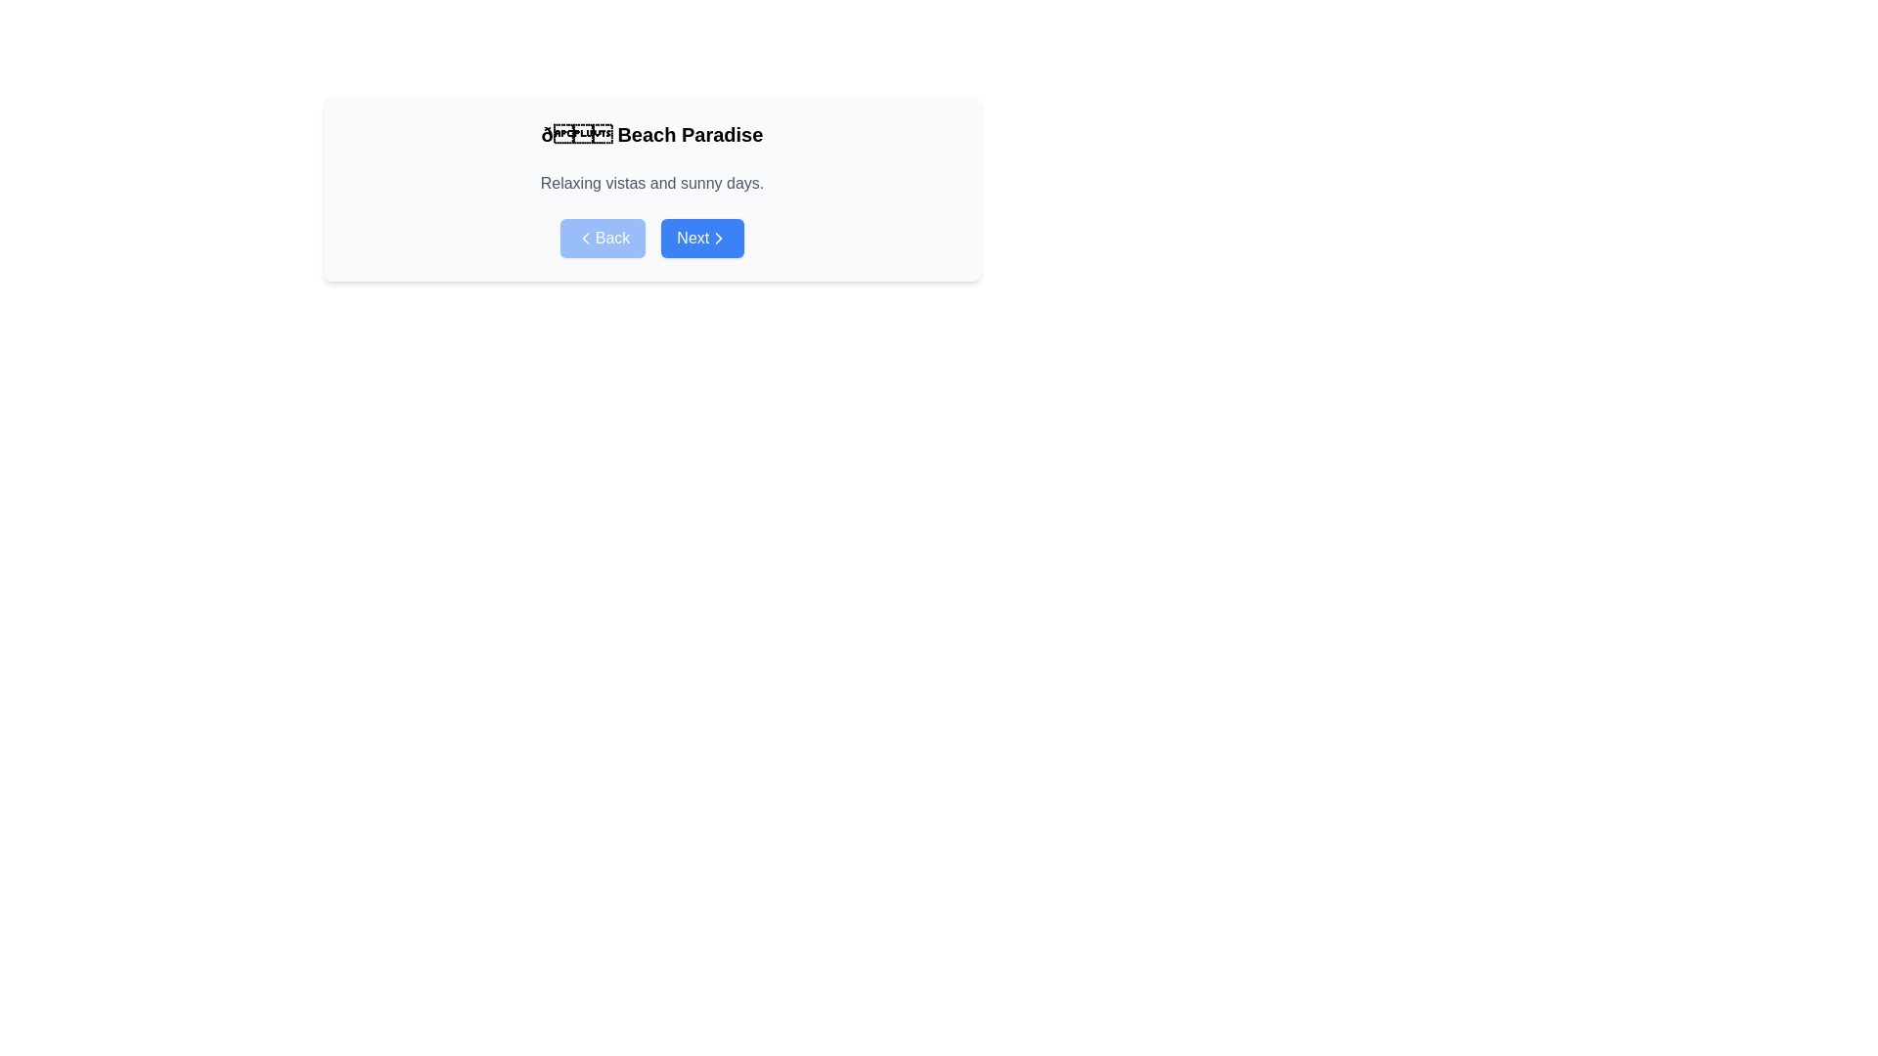 Image resolution: width=1878 pixels, height=1056 pixels. I want to click on the rounded rectangular blue button labeled 'Back' with a left-pointing chevron icon, so click(602, 237).